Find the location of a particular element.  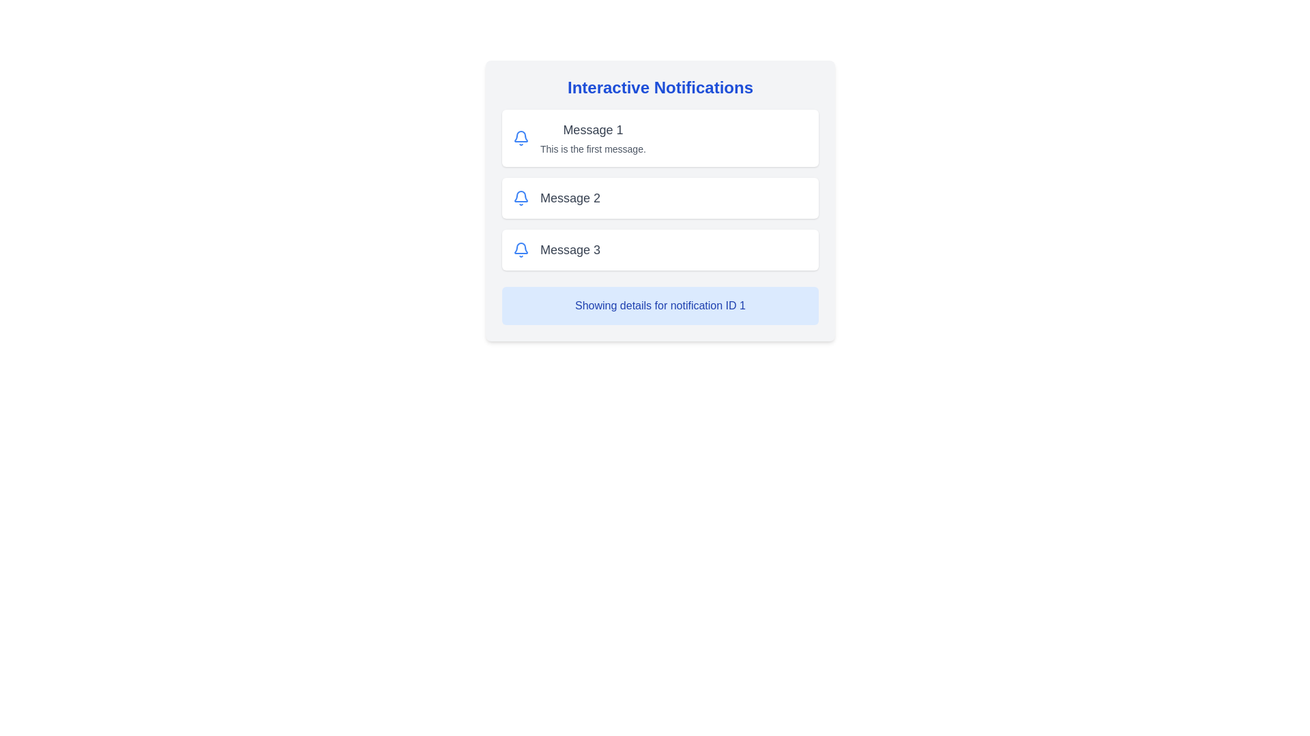

the Text element displaying the title and description of the first notification in the list, located near the upper-left corner of the card below 'Interactive Notifications' is located at coordinates (593, 138).